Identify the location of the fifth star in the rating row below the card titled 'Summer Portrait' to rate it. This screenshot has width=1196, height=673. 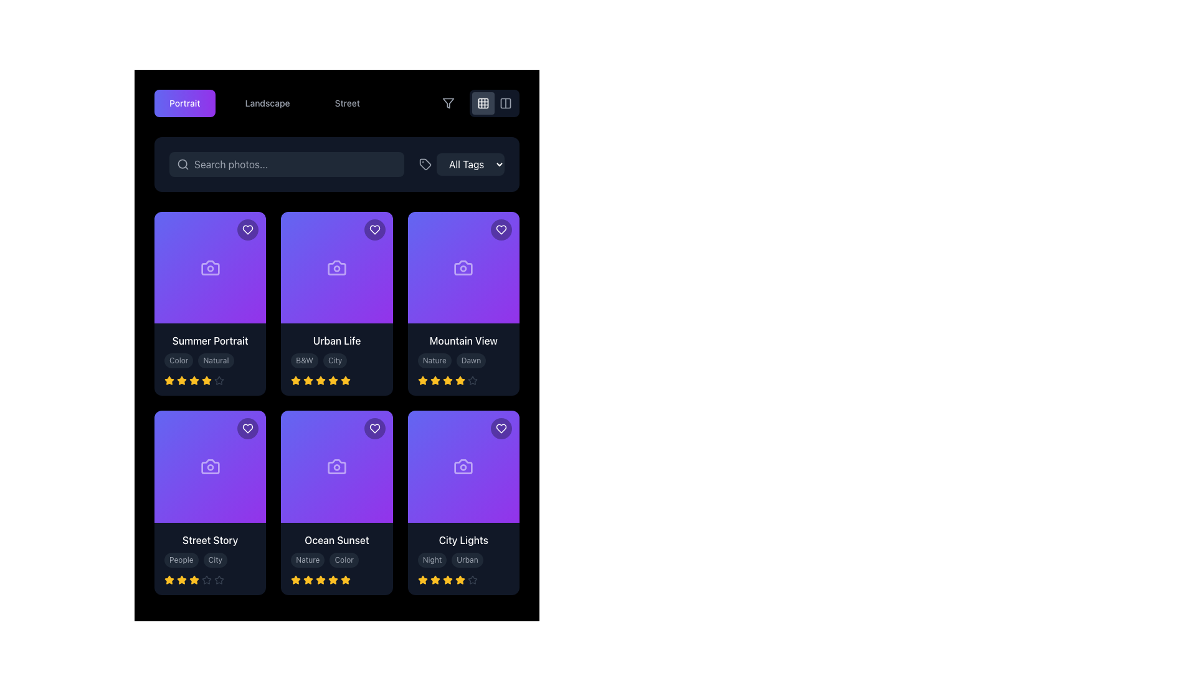
(206, 380).